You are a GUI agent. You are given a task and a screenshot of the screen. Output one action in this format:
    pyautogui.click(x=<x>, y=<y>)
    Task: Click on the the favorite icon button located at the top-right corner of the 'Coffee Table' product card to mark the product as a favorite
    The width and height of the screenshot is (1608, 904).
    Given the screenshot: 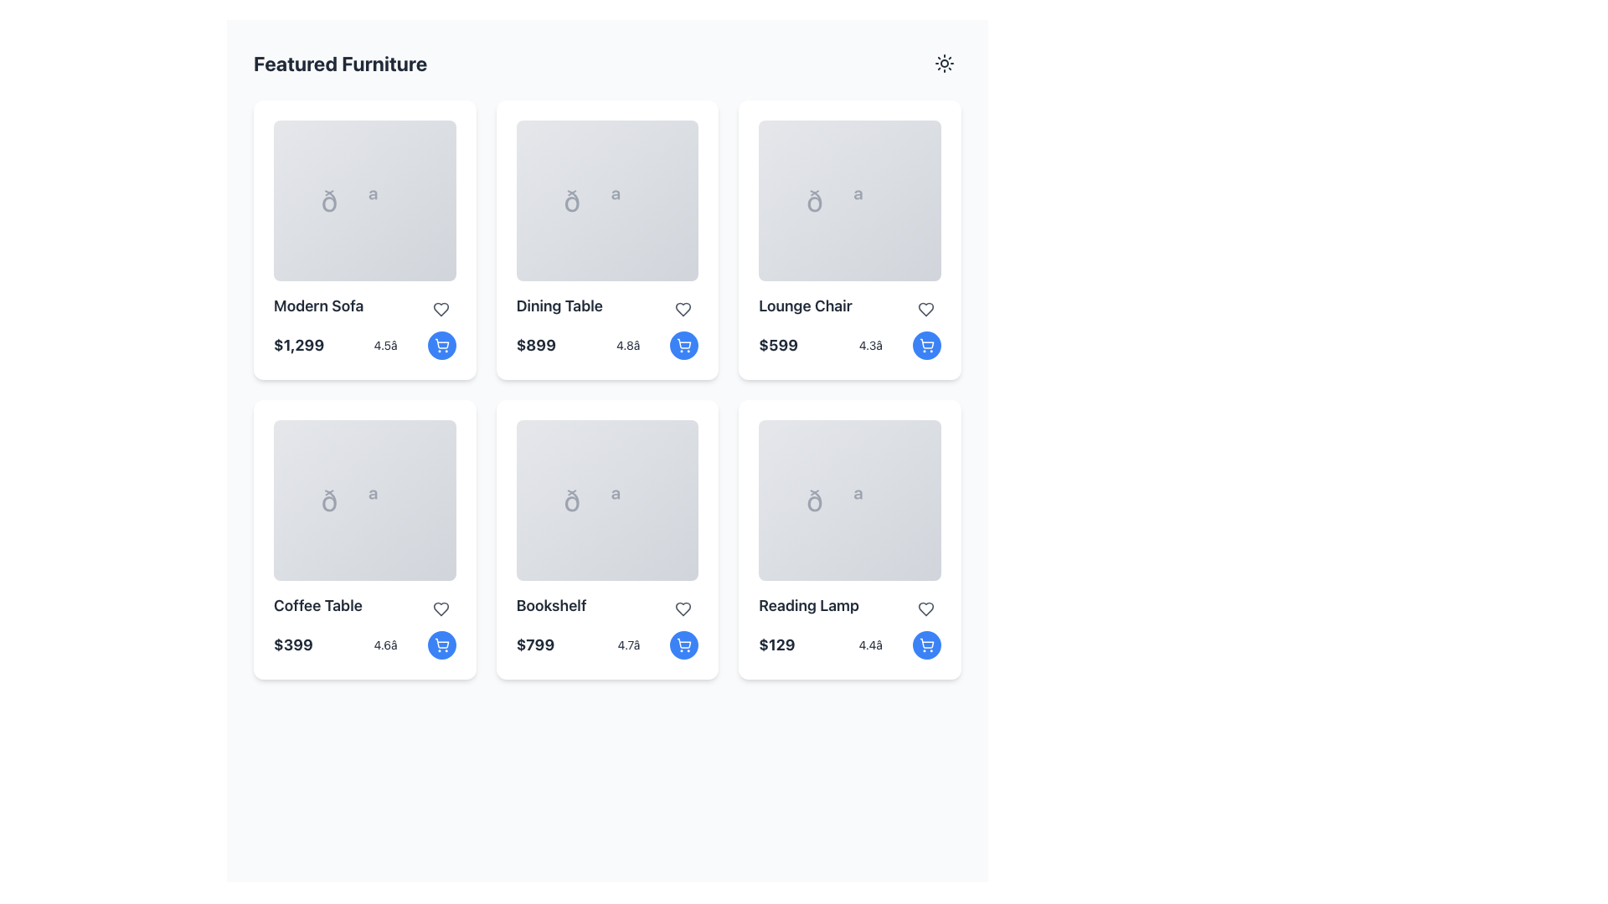 What is the action you would take?
    pyautogui.click(x=441, y=609)
    